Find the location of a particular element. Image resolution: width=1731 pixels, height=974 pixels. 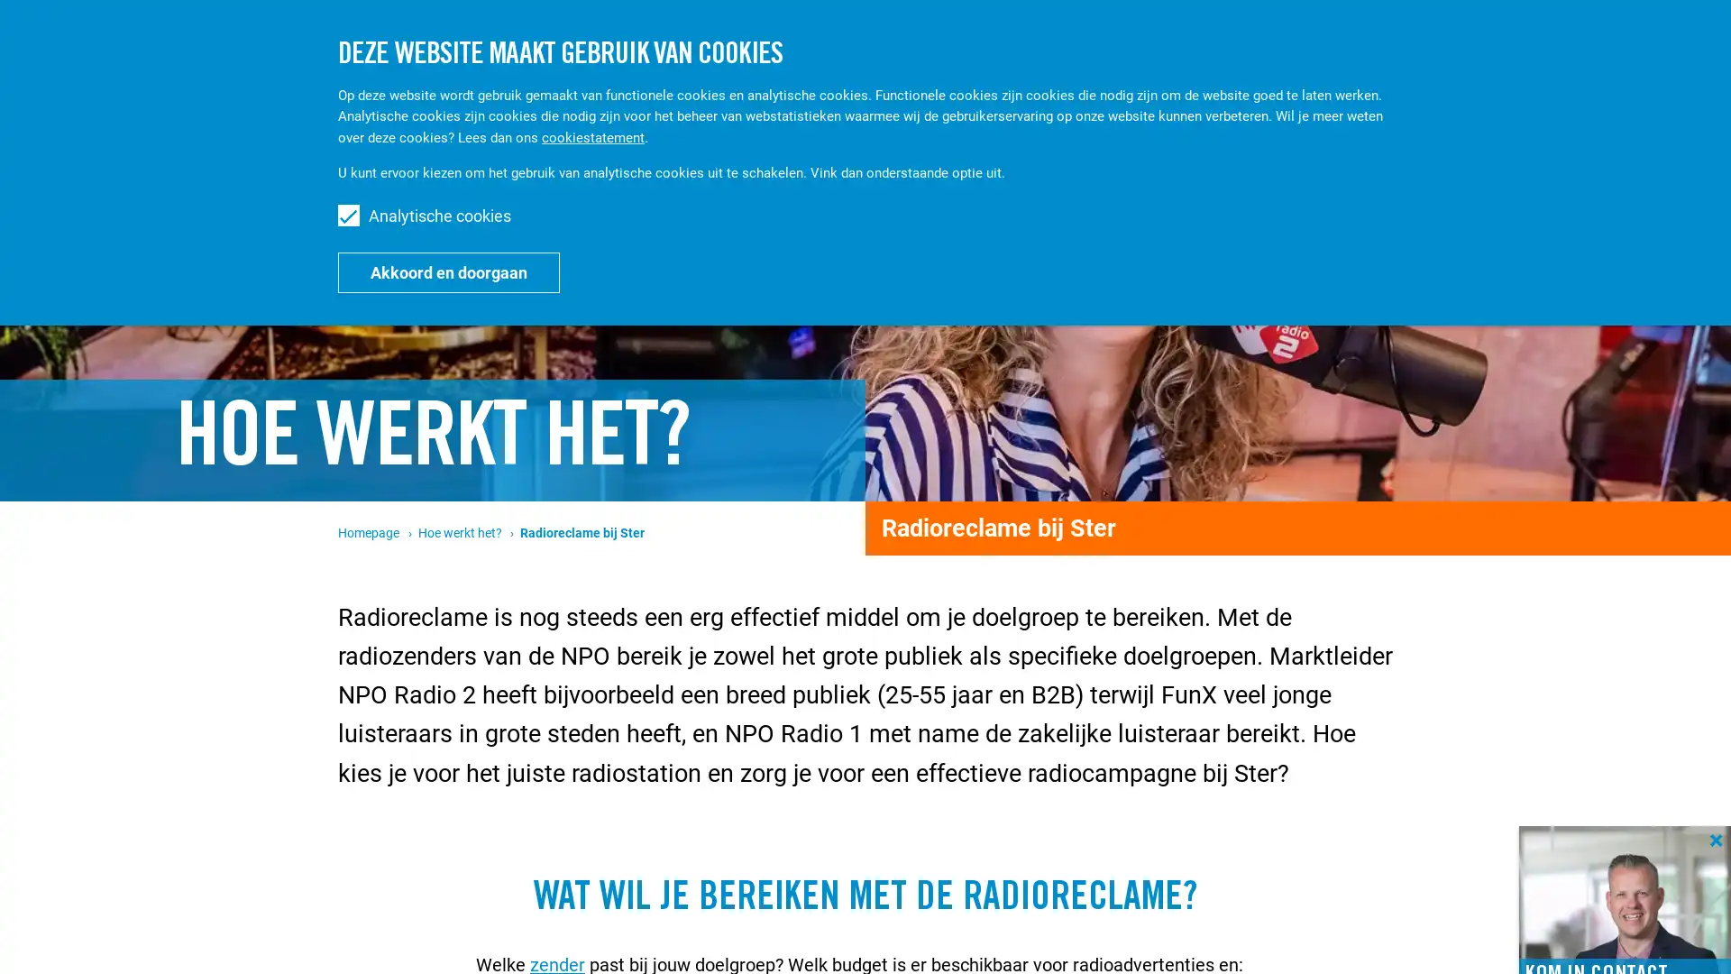

Akkoord en doorgaan is located at coordinates (449, 271).